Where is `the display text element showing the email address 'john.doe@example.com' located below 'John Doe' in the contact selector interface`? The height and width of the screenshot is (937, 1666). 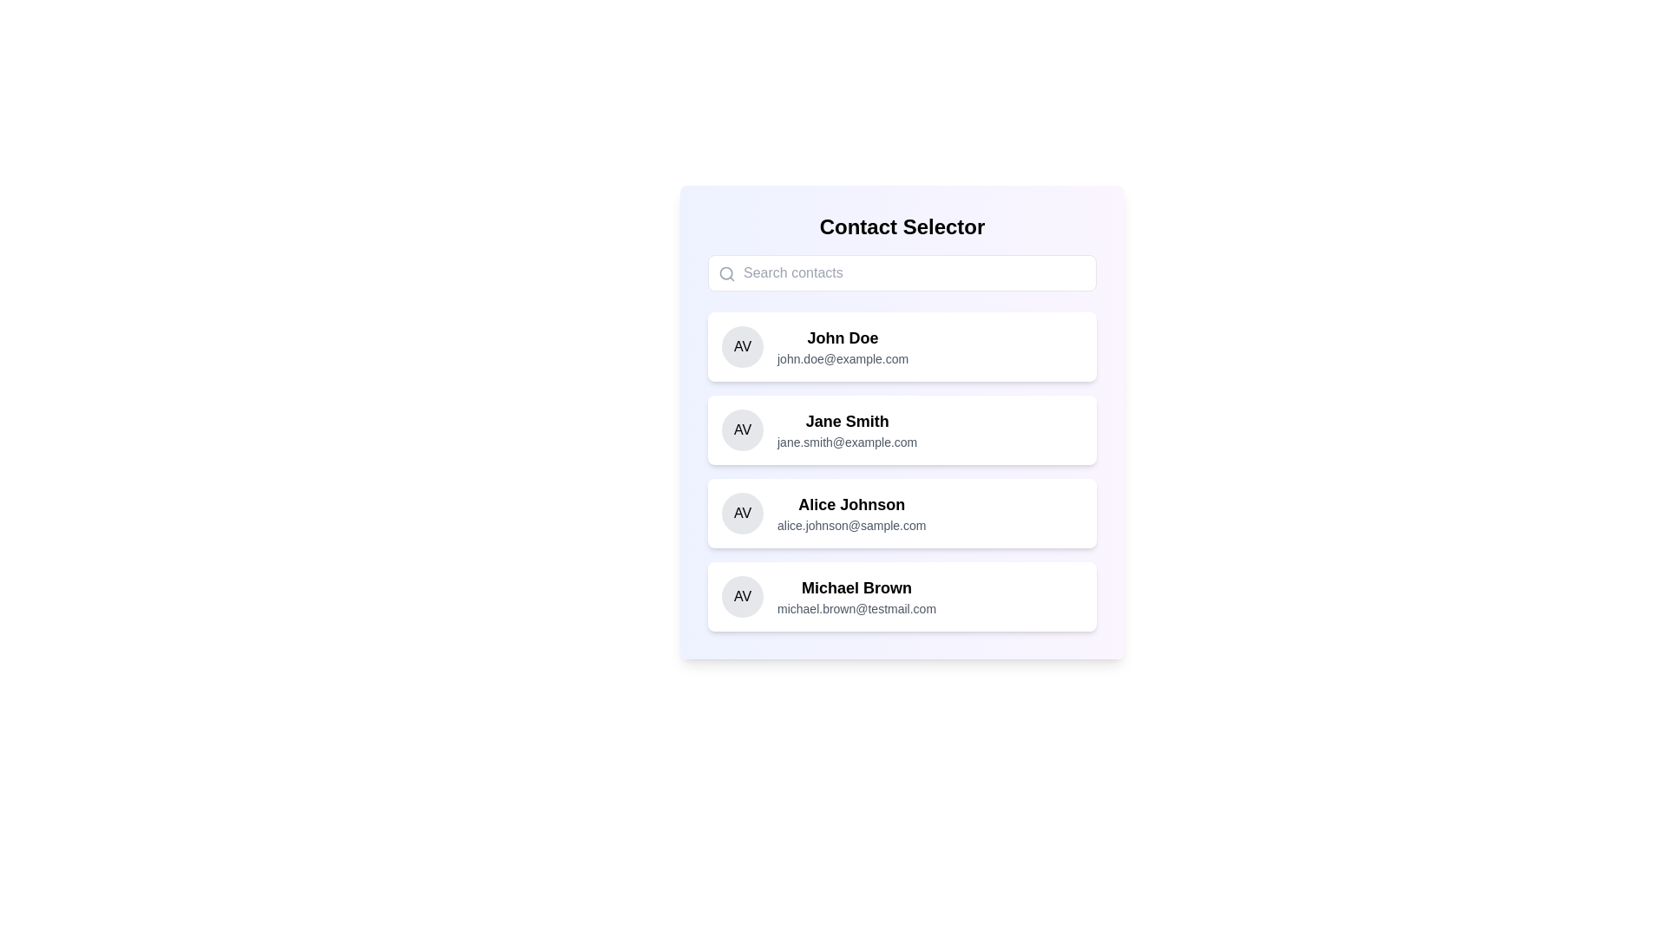 the display text element showing the email address 'john.doe@example.com' located below 'John Doe' in the contact selector interface is located at coordinates (843, 357).